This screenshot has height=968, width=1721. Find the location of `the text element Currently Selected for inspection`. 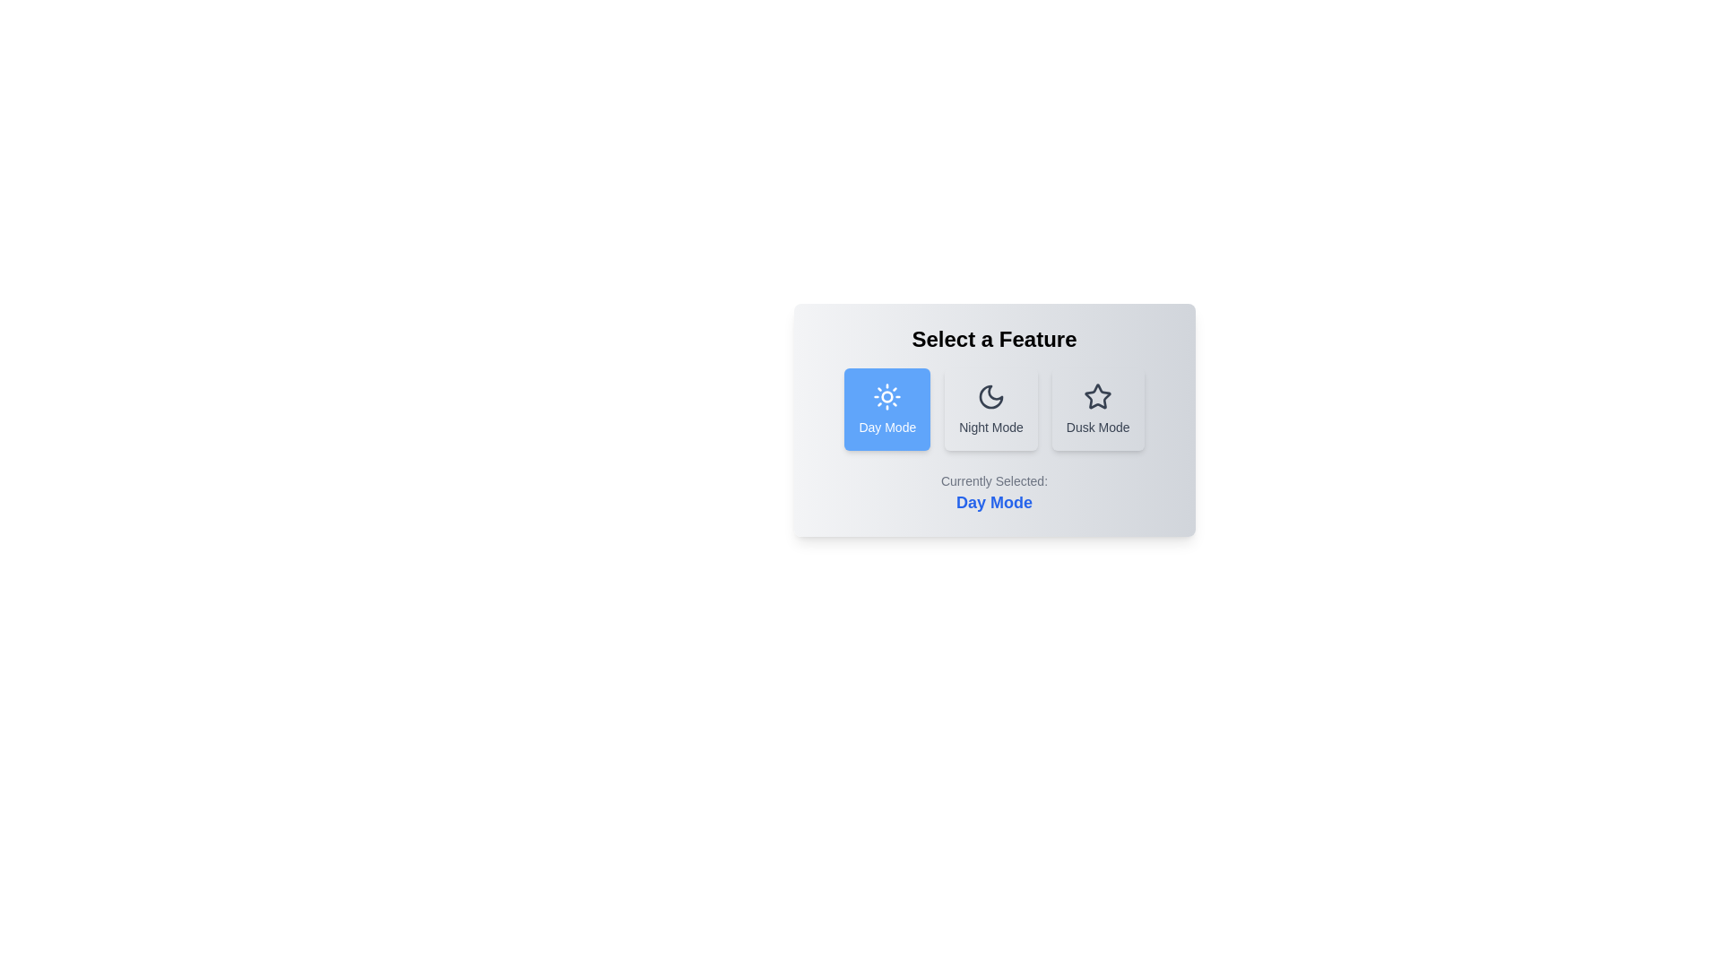

the text element Currently Selected for inspection is located at coordinates (993, 494).